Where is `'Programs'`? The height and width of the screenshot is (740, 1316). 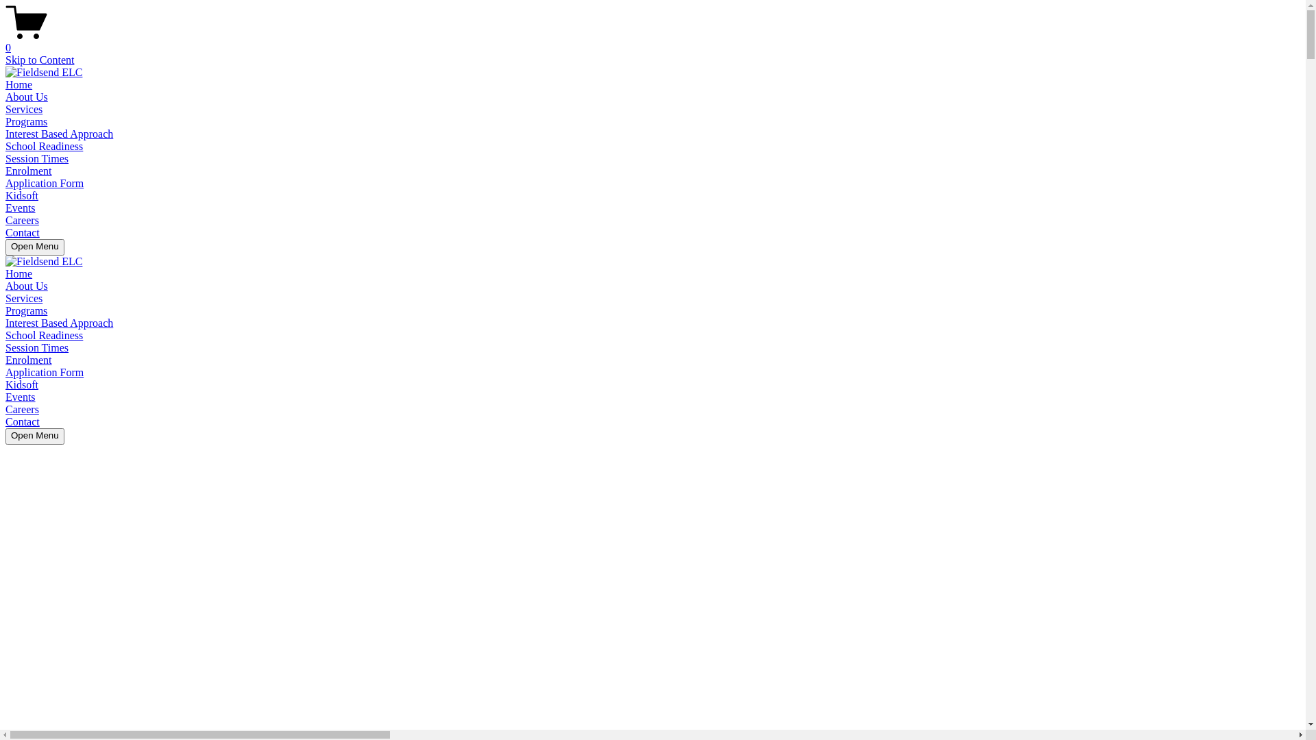 'Programs' is located at coordinates (5, 310).